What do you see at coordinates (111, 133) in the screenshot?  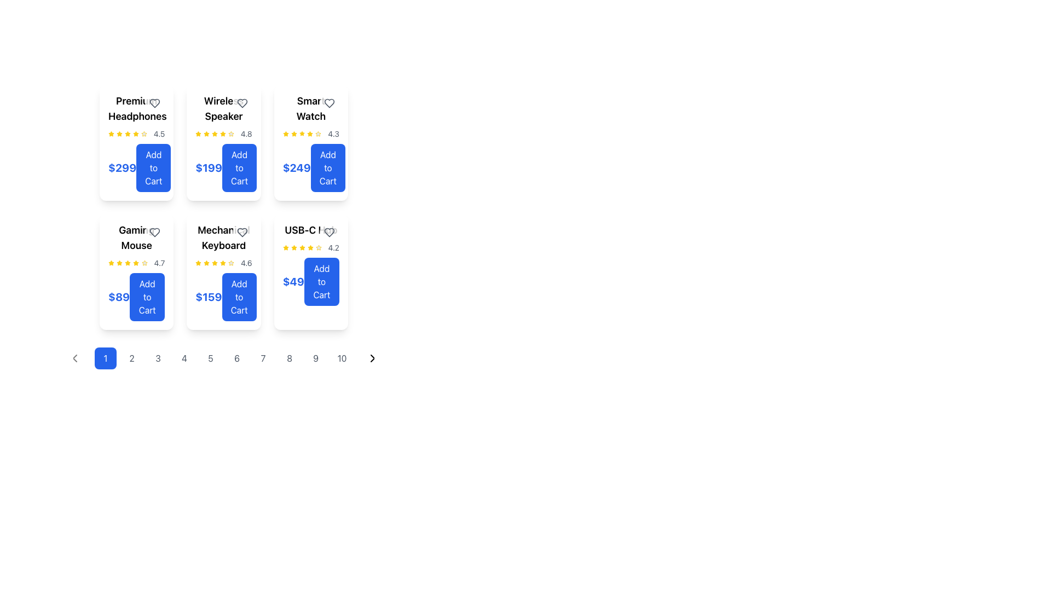 I see `the second rating star icon, which is styled with a yellow fill and outline, located` at bounding box center [111, 133].